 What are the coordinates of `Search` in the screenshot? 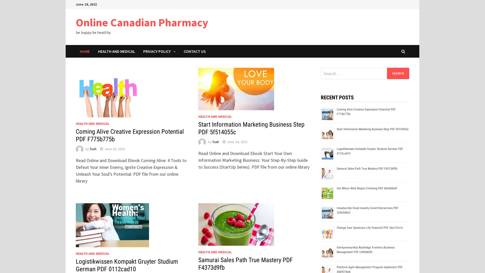 It's located at (398, 73).